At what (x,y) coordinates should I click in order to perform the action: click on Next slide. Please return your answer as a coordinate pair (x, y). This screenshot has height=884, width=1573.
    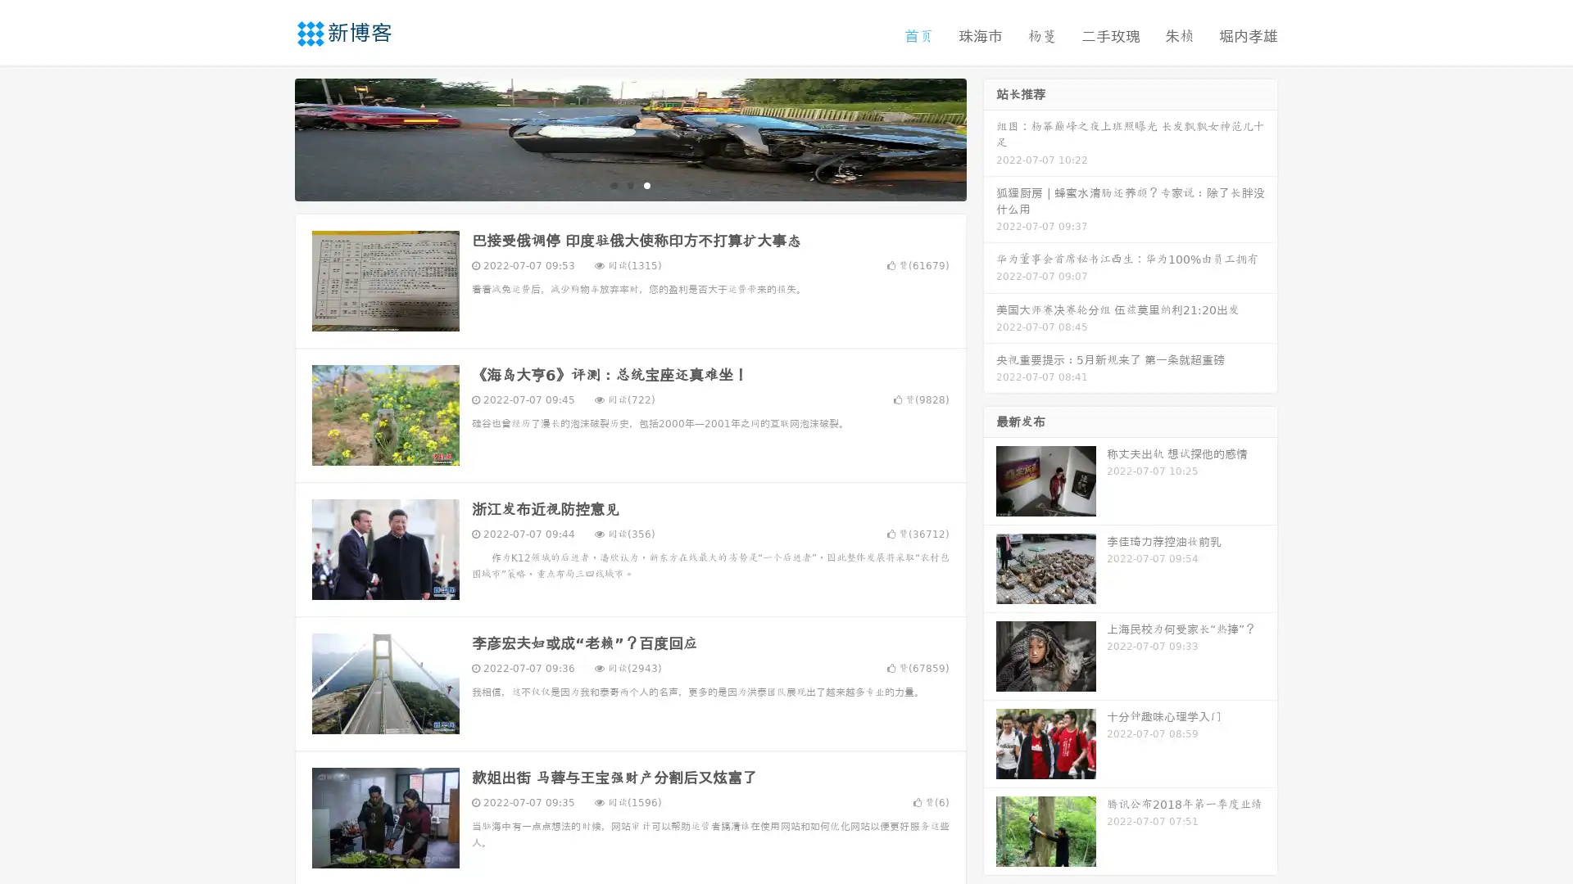
    Looking at the image, I should click on (990, 138).